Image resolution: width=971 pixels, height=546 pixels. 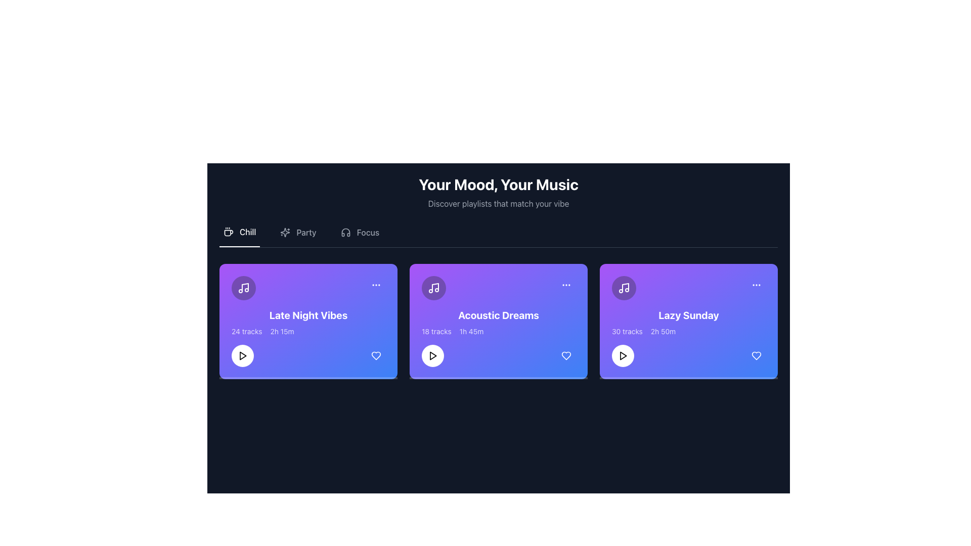 What do you see at coordinates (298, 236) in the screenshot?
I see `the 'Party' themed button located in the top menu bar, positioned between 'Chill' and 'Focus', to observe a color change` at bounding box center [298, 236].